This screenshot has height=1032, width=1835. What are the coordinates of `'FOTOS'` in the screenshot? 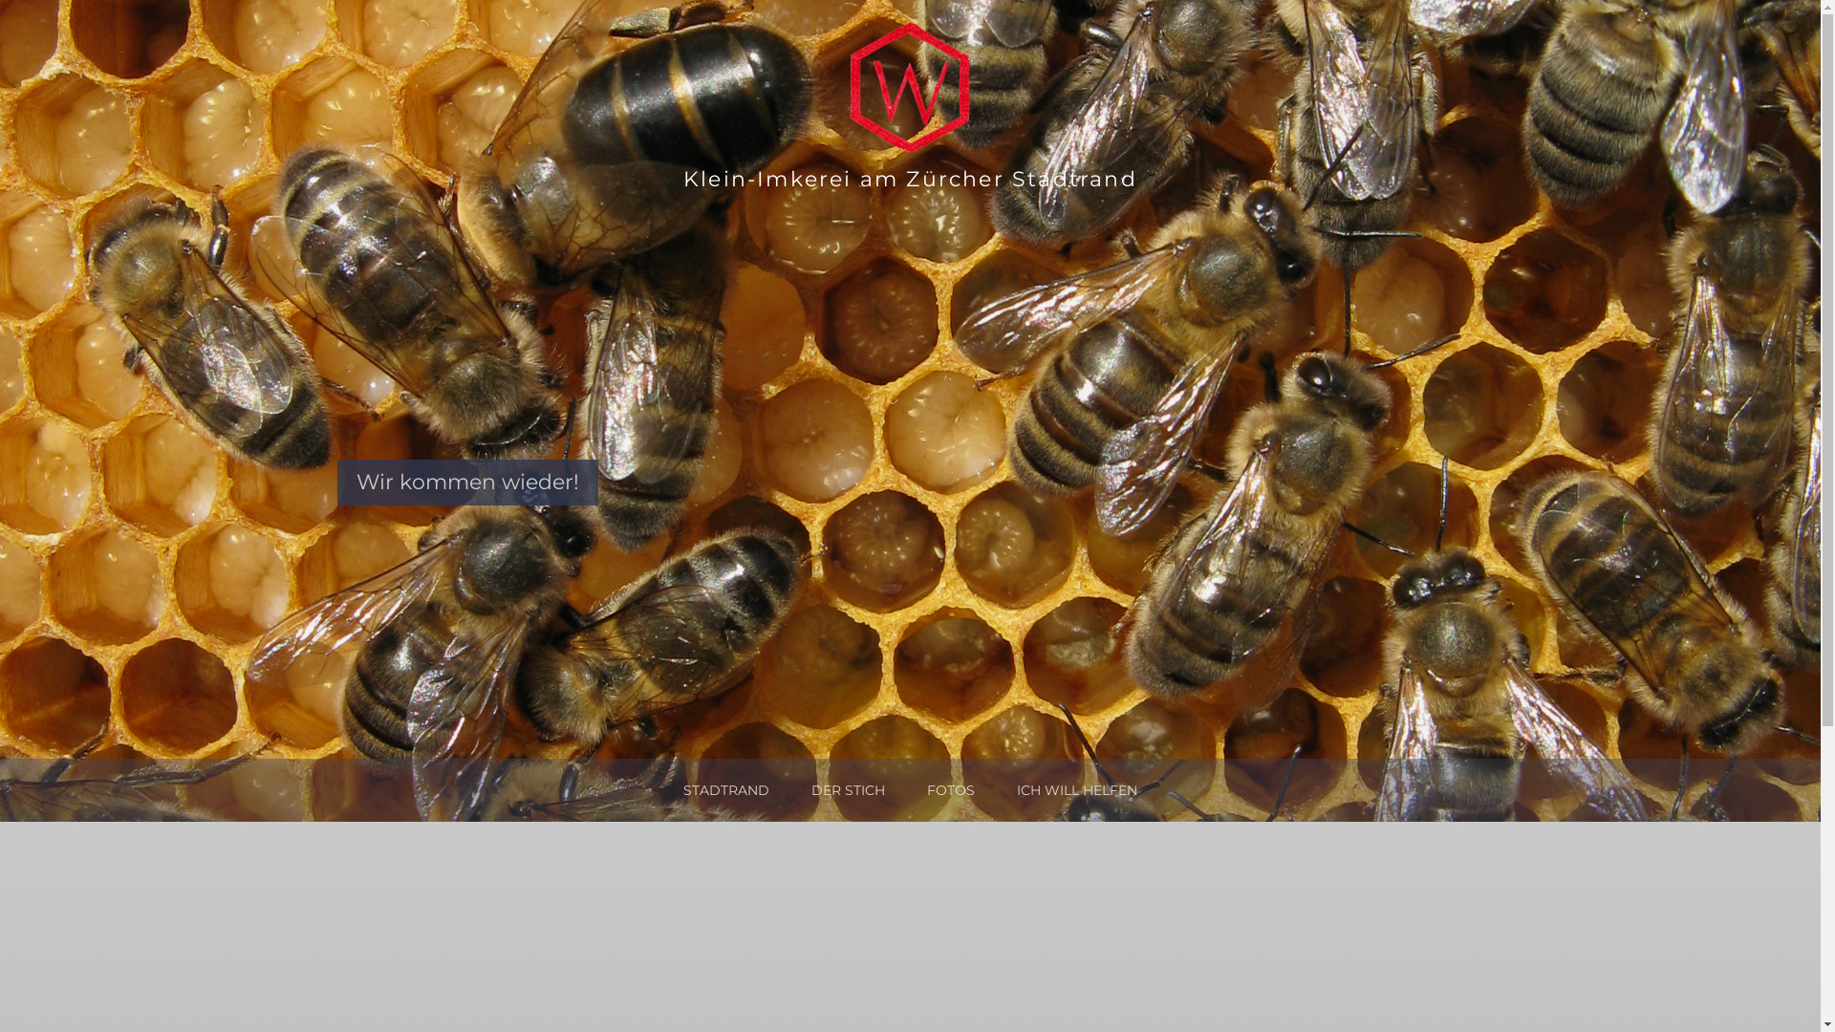 It's located at (950, 789).